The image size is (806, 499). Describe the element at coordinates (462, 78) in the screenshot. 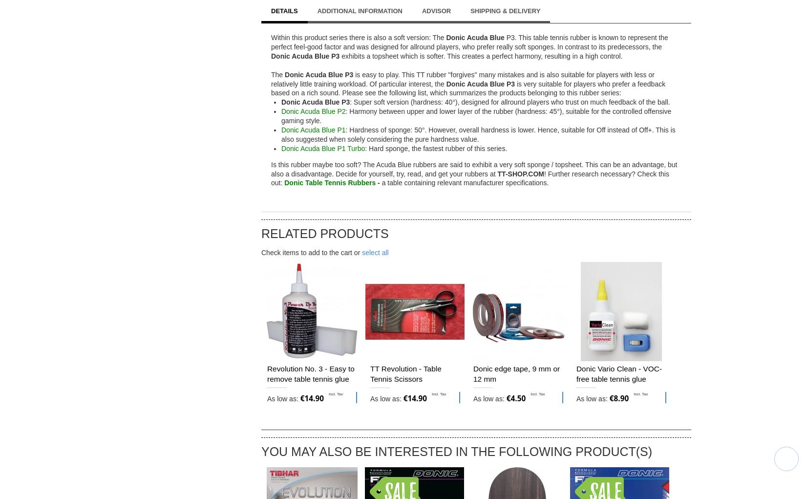

I see `'is easy to play. This TT rubber "forgives" many mistakes and is also suitable for players with less or relatively little training workload. Of particular interest, the'` at that location.